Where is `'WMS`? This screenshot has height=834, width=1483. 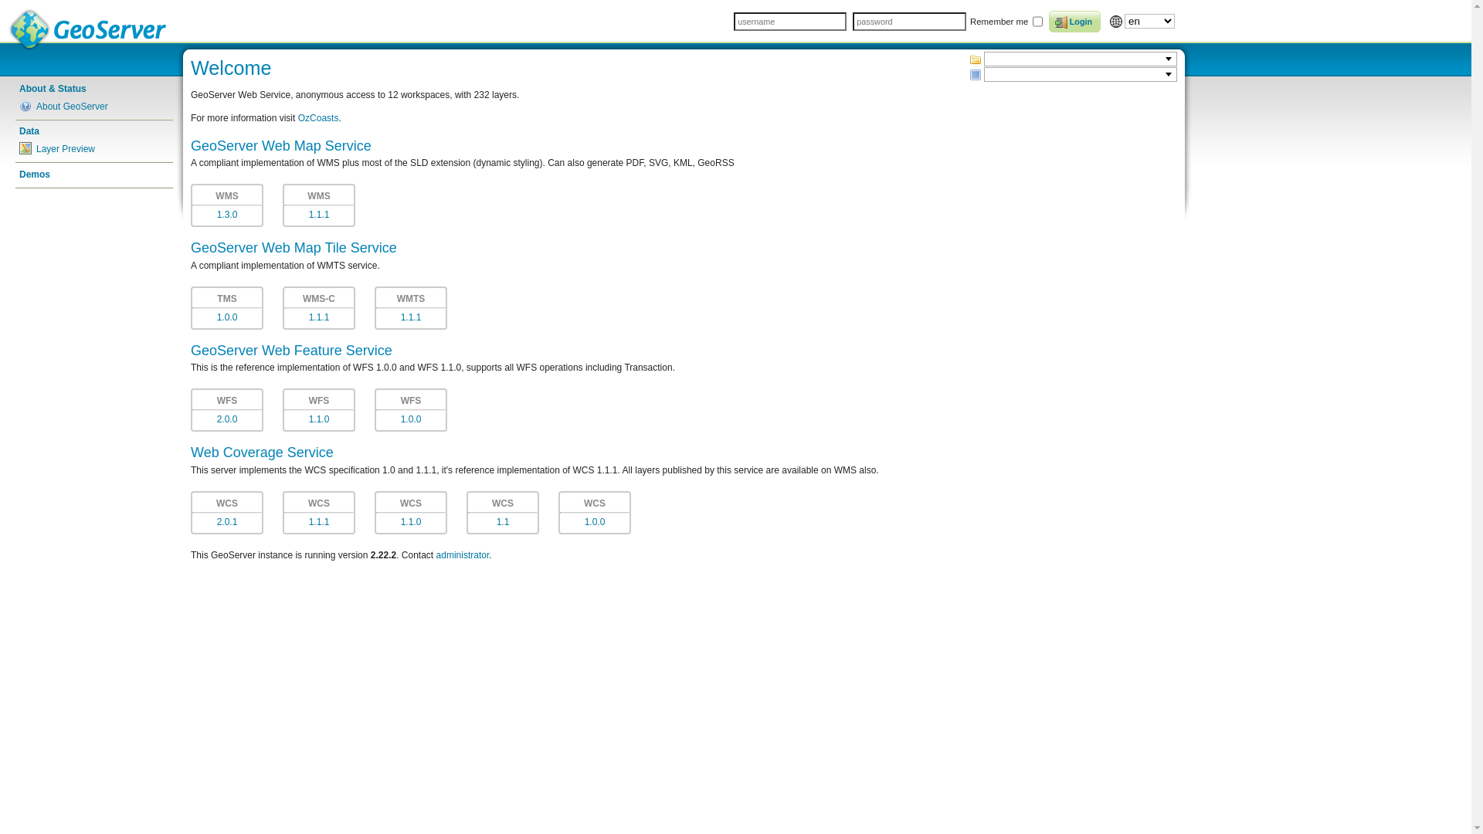 'WMS is located at coordinates (317, 205).